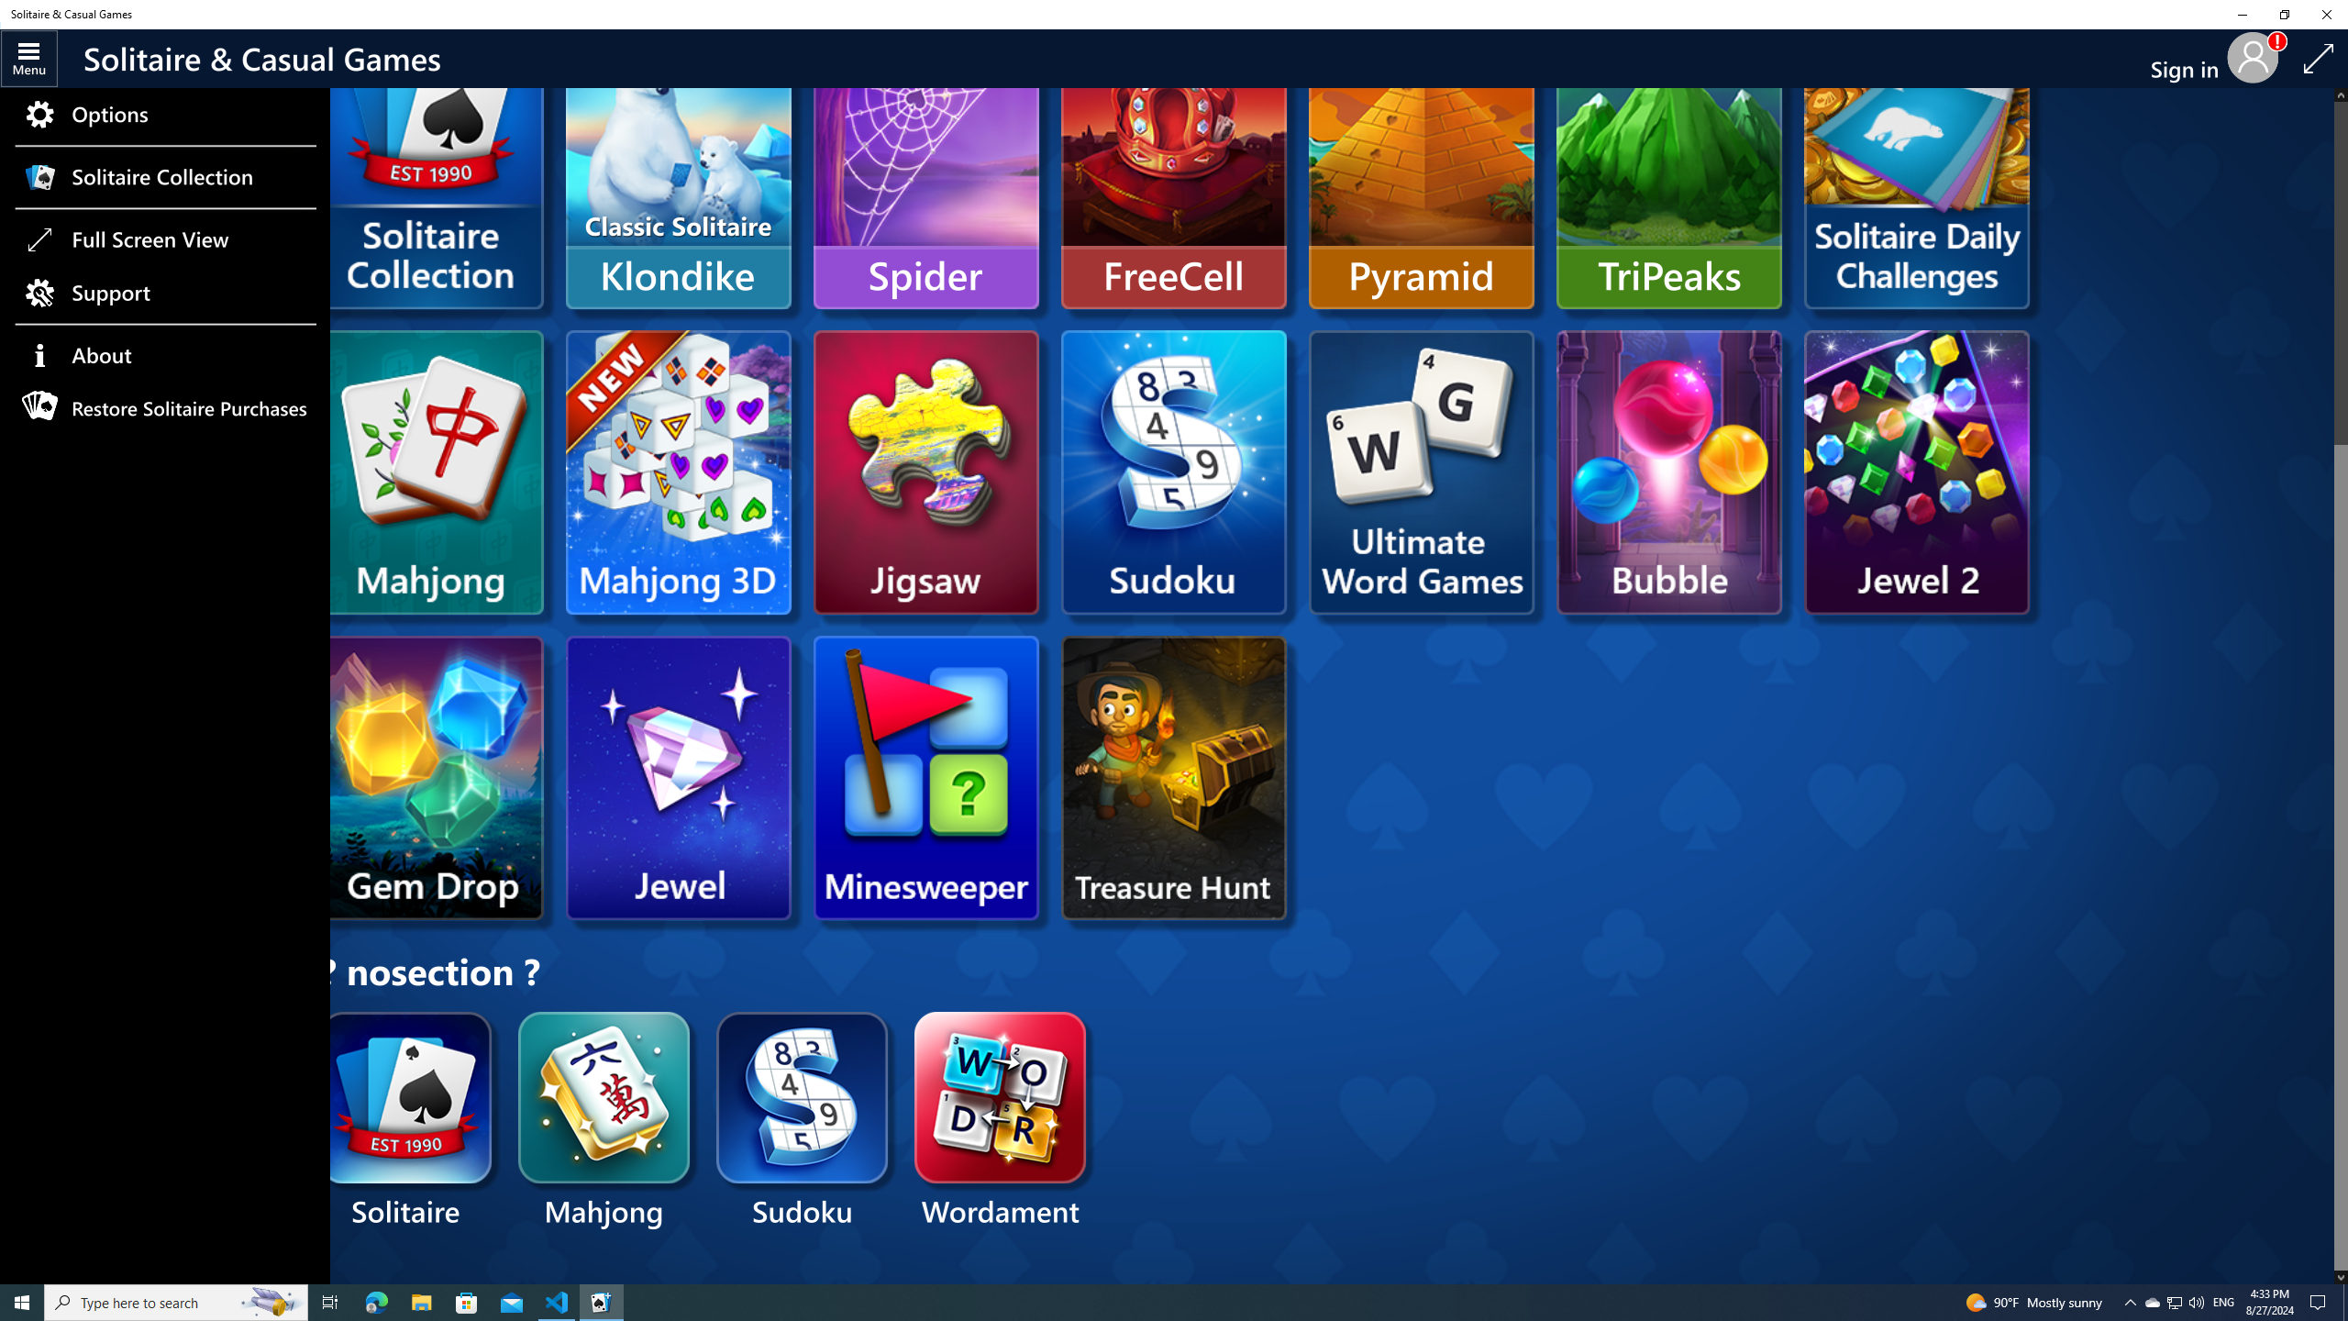  Describe the element at coordinates (2325, 14) in the screenshot. I see `'Close Solitaire & Casual Games'` at that location.